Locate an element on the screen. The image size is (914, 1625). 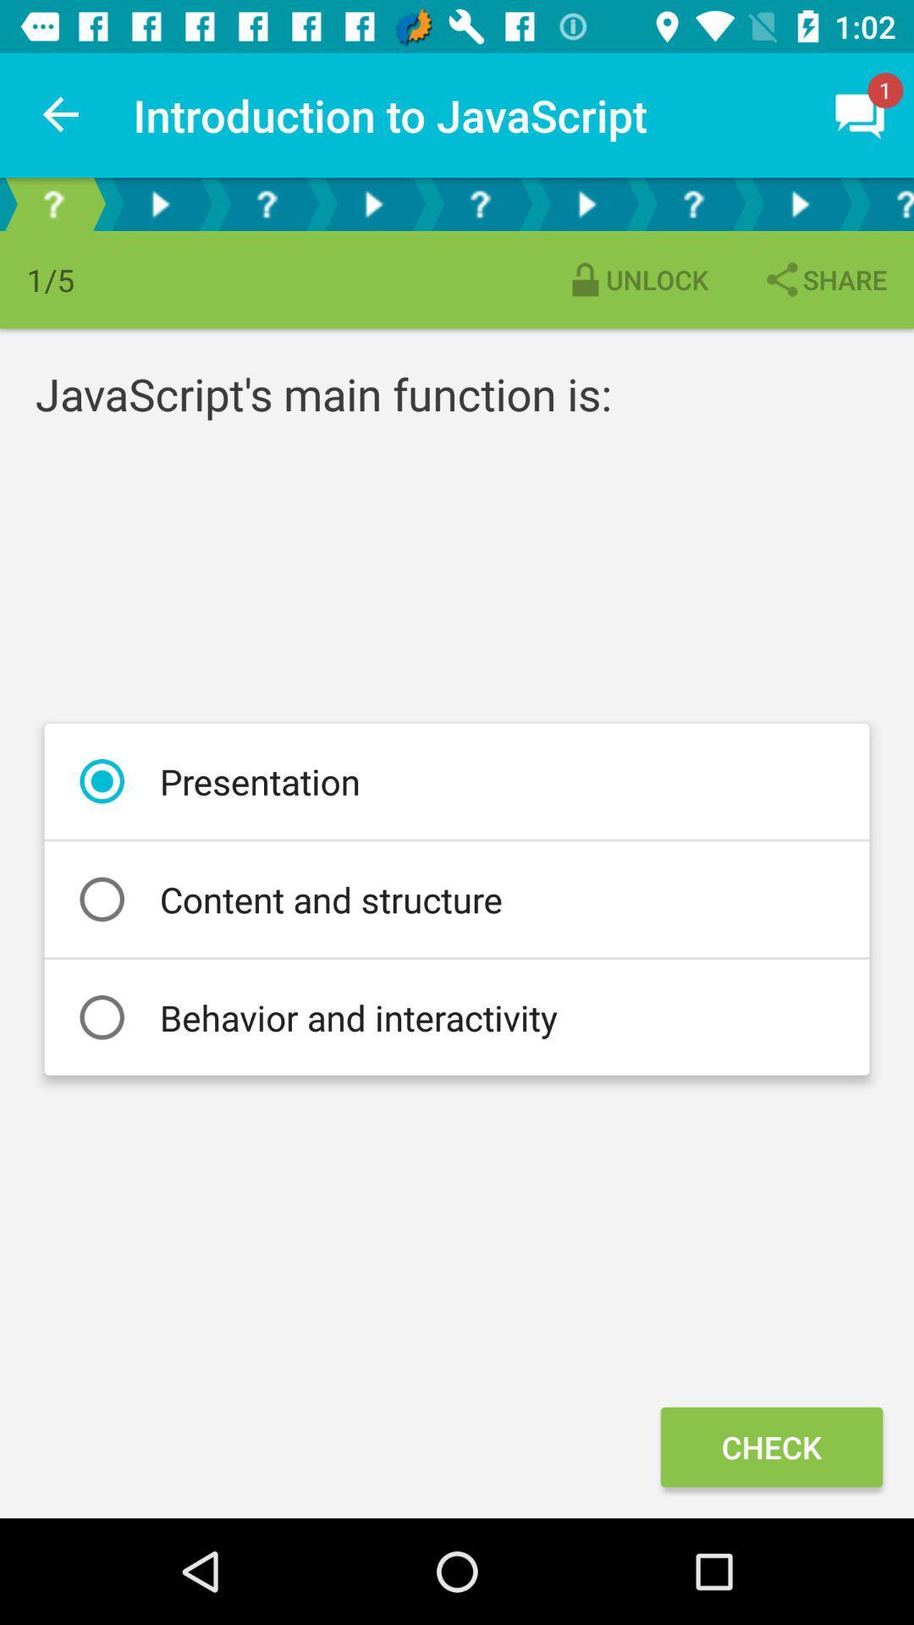
the help icon is located at coordinates (480, 203).